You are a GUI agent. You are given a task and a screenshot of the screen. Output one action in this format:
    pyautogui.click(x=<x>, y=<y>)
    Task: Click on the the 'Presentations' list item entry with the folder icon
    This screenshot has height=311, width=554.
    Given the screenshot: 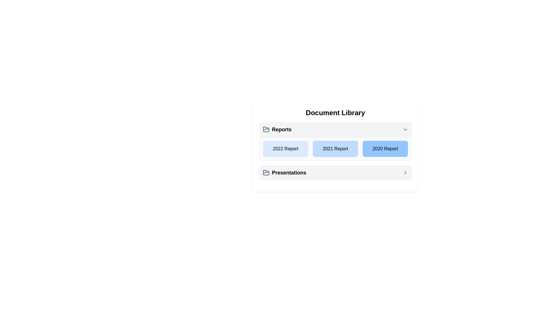 What is the action you would take?
    pyautogui.click(x=285, y=172)
    